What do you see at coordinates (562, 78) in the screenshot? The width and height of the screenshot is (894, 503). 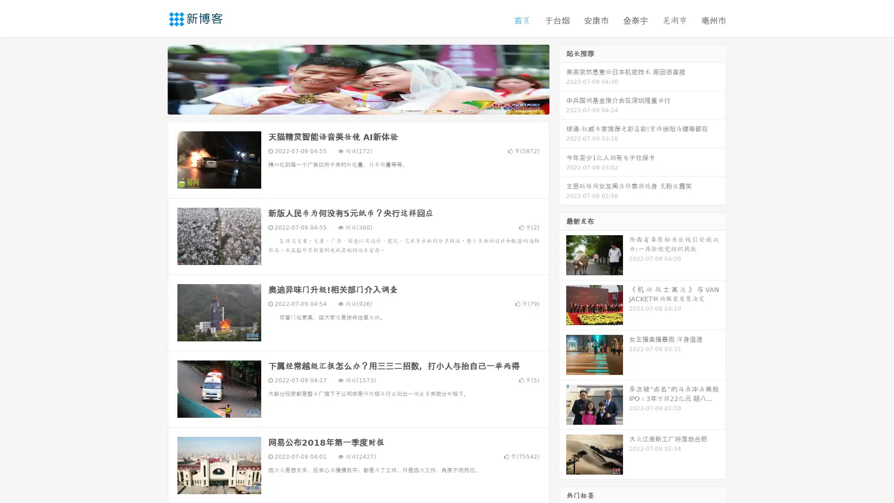 I see `Next slide` at bounding box center [562, 78].